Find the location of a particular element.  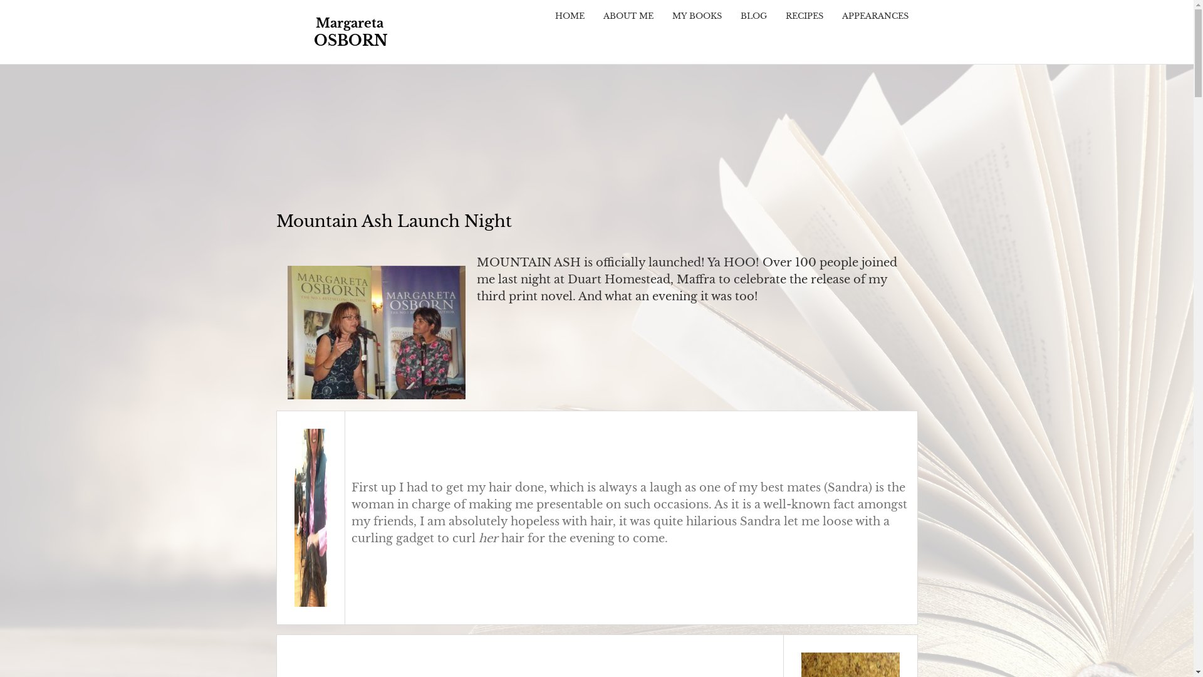

'RECIPES' is located at coordinates (803, 16).